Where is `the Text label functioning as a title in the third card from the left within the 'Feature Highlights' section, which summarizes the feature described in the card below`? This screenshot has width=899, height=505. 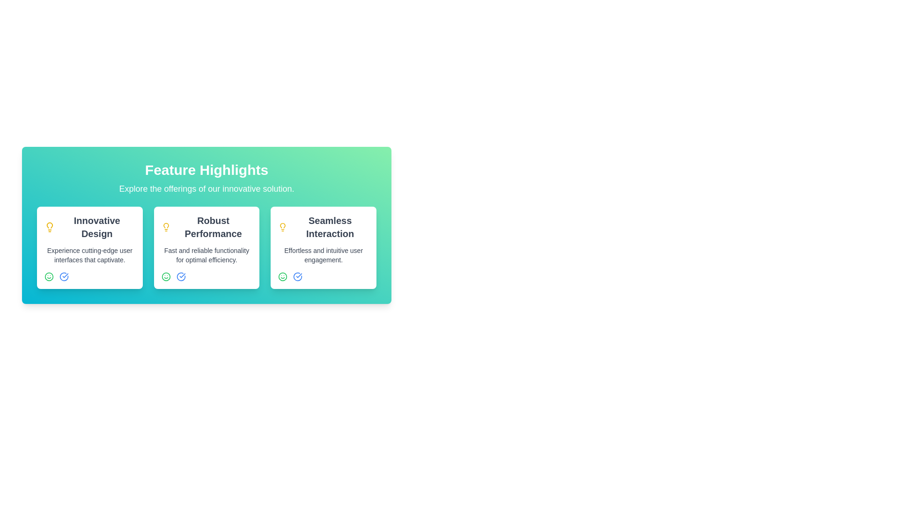
the Text label functioning as a title in the third card from the left within the 'Feature Highlights' section, which summarizes the feature described in the card below is located at coordinates (324, 227).